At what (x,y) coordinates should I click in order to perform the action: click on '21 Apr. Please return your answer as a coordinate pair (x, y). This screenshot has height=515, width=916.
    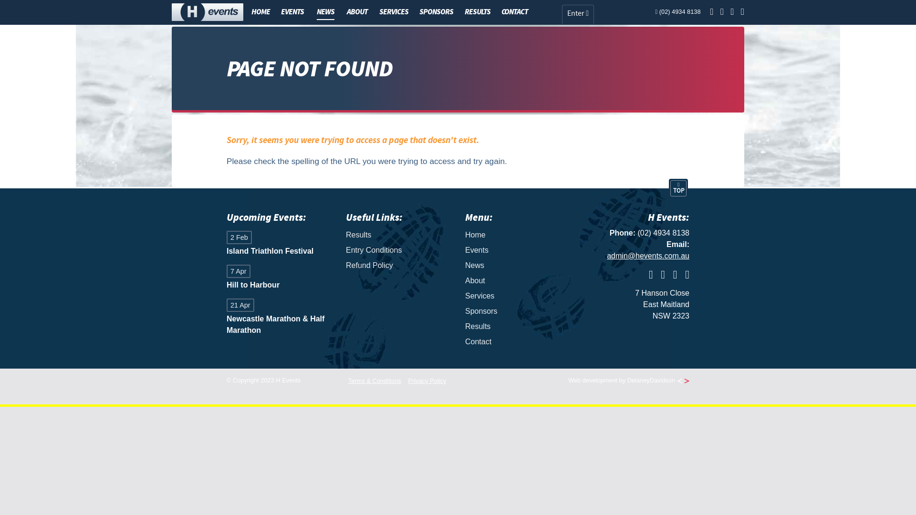
    Looking at the image, I should click on (279, 318).